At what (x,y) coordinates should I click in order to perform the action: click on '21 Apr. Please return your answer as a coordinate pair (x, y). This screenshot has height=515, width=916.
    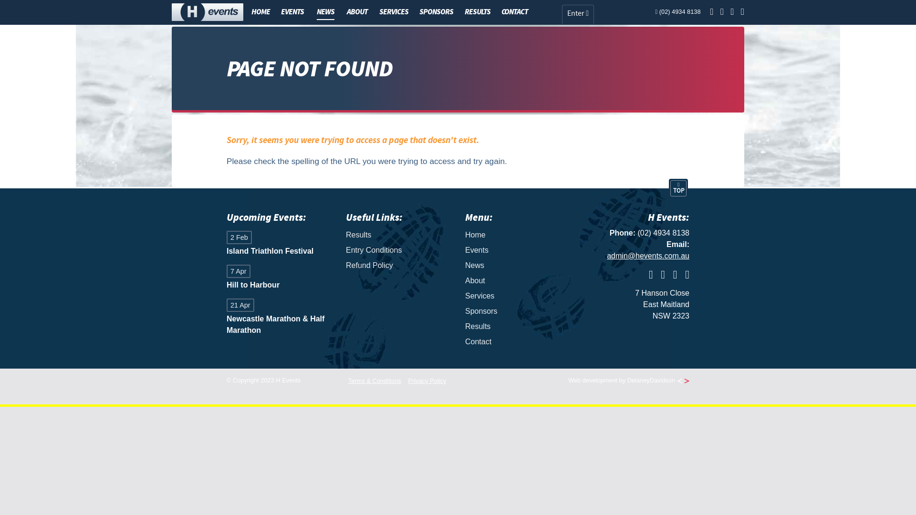
    Looking at the image, I should click on (279, 318).